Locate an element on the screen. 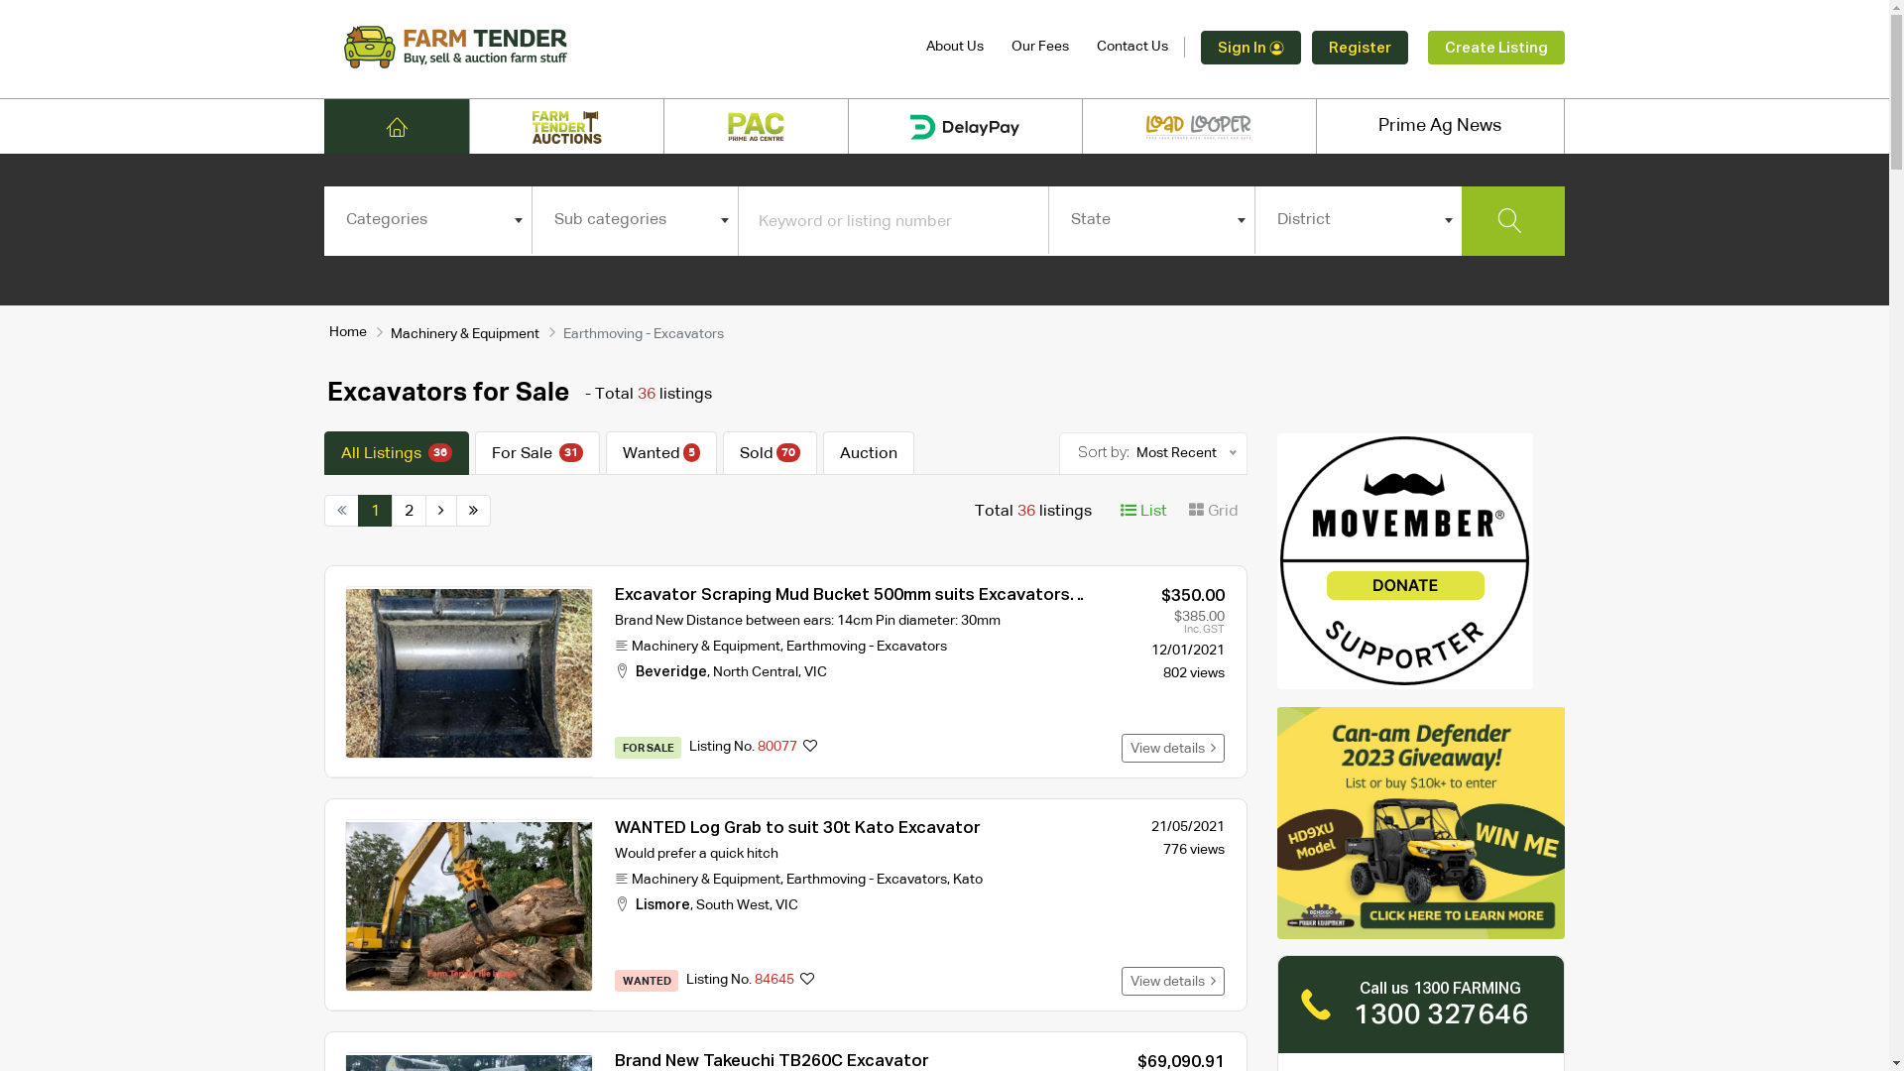 This screenshot has width=1904, height=1071. 'Register' is located at coordinates (1359, 47).